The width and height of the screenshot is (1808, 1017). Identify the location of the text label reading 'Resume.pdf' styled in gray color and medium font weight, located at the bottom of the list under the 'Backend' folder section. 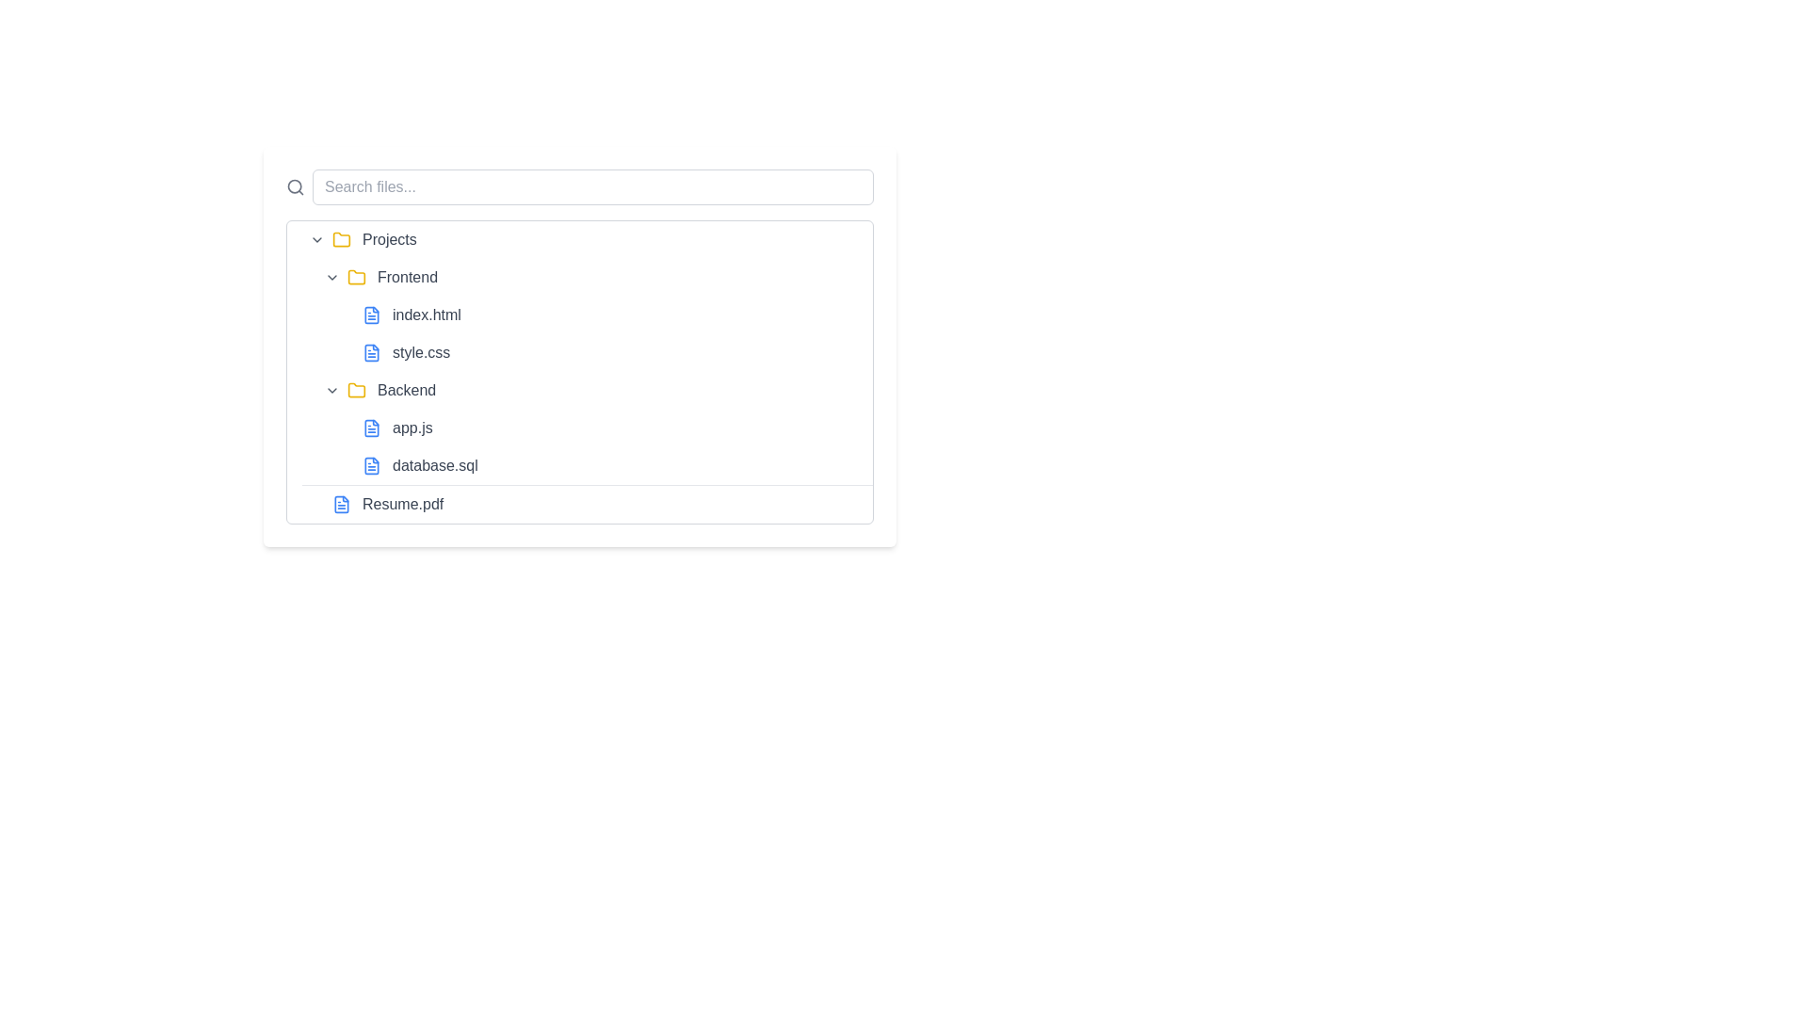
(401, 504).